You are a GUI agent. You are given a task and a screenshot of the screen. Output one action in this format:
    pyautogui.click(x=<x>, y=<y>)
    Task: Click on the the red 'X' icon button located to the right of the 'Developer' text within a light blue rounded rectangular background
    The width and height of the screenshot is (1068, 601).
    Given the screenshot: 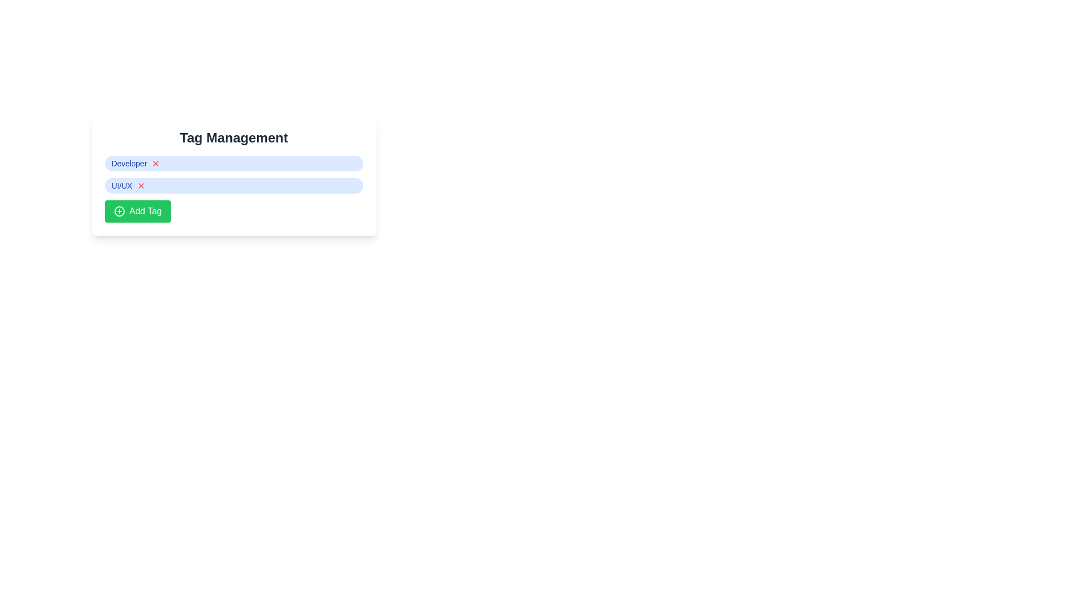 What is the action you would take?
    pyautogui.click(x=155, y=163)
    